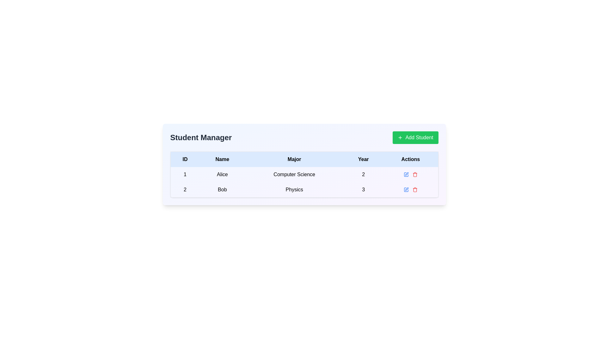  I want to click on the delete icon button located in the 'Actions' column of the second table row, so click(415, 190).